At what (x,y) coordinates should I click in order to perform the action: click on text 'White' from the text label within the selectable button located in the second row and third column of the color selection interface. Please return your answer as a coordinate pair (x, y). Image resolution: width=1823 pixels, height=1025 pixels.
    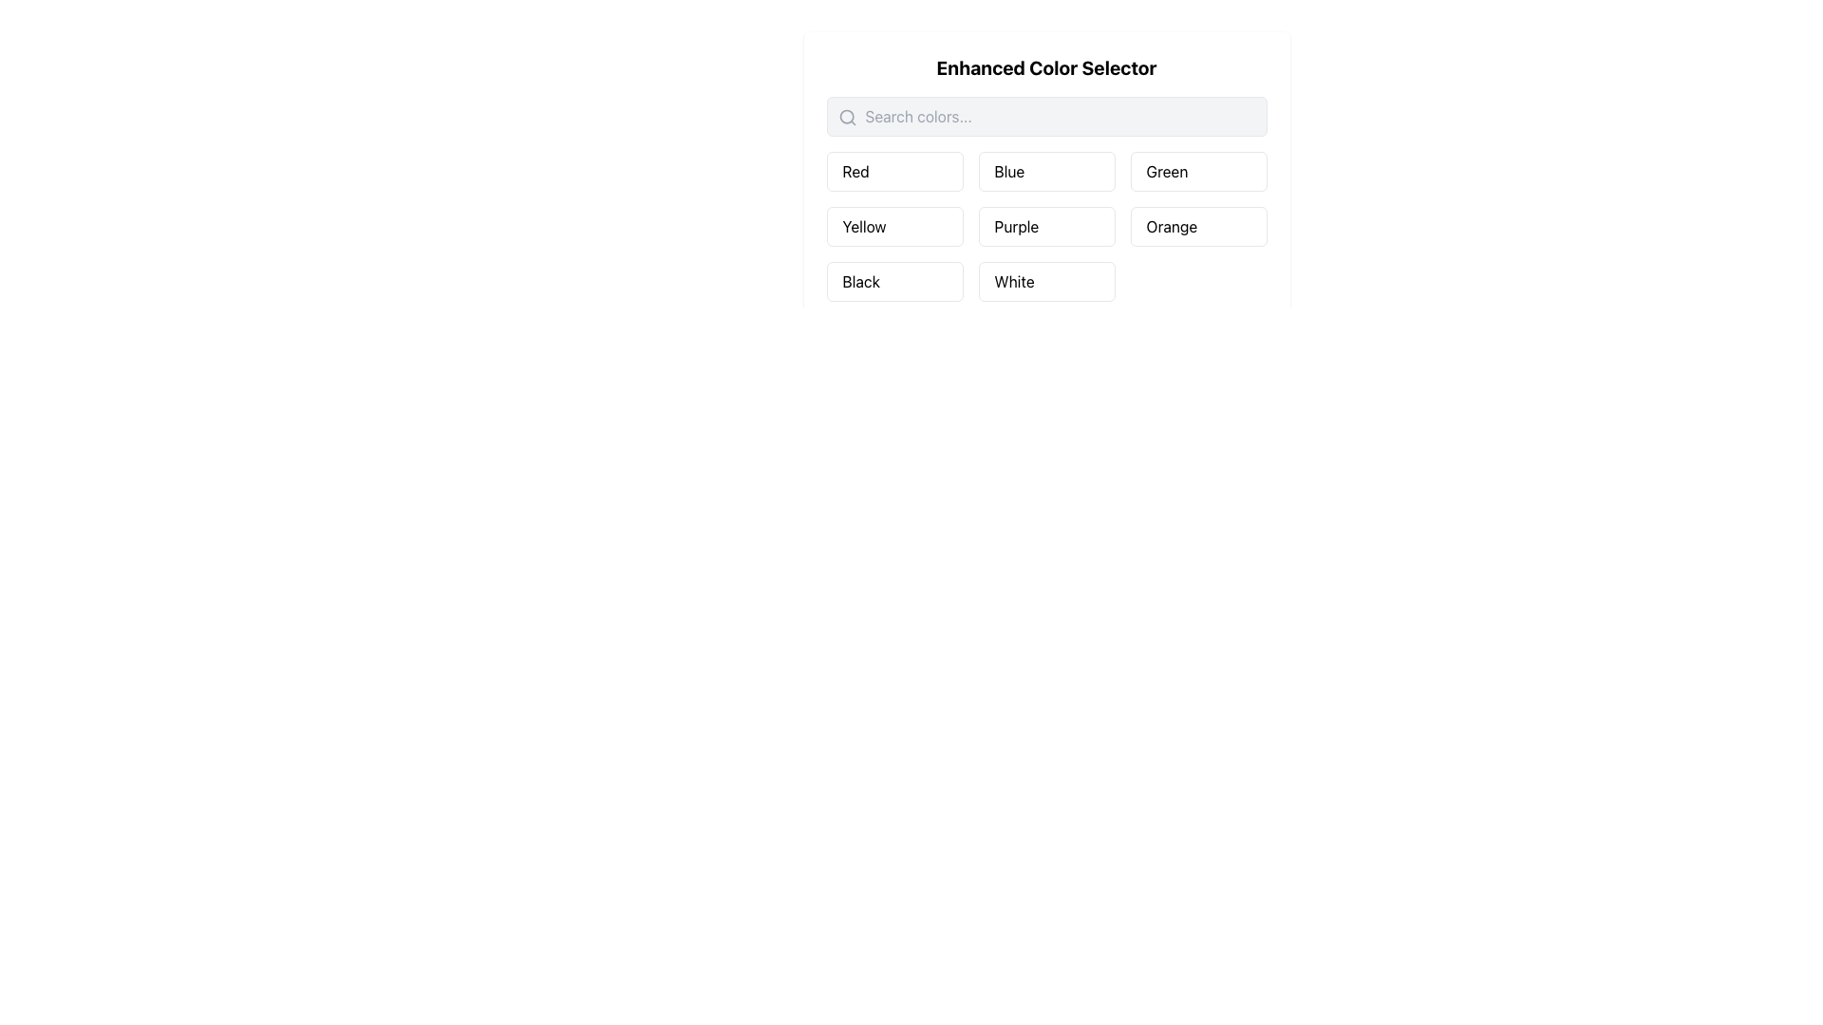
    Looking at the image, I should click on (1013, 282).